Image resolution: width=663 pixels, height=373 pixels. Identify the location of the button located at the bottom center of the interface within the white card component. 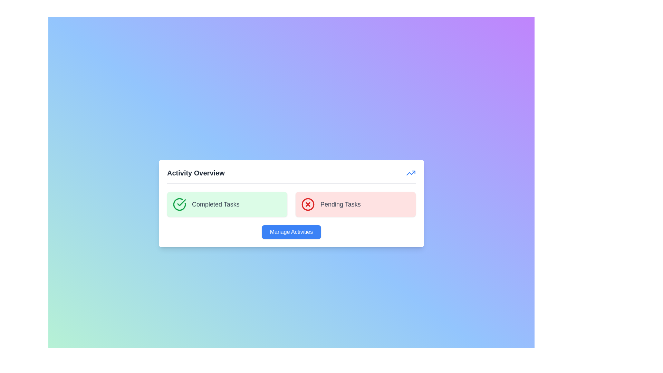
(291, 232).